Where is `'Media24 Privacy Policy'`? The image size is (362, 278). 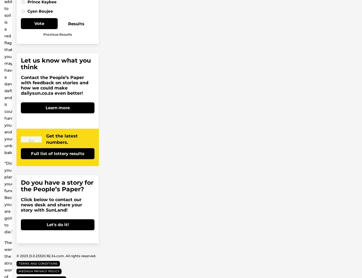 'Media24 Privacy Policy' is located at coordinates (38, 271).